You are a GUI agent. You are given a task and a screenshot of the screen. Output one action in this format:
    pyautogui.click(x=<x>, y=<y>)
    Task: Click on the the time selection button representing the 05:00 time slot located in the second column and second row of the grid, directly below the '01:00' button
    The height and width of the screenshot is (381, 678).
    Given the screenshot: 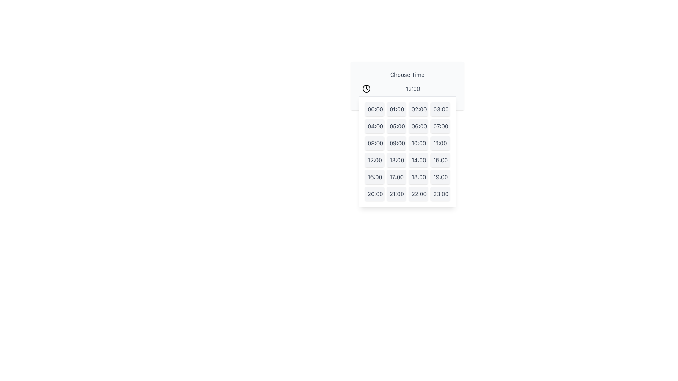 What is the action you would take?
    pyautogui.click(x=396, y=126)
    